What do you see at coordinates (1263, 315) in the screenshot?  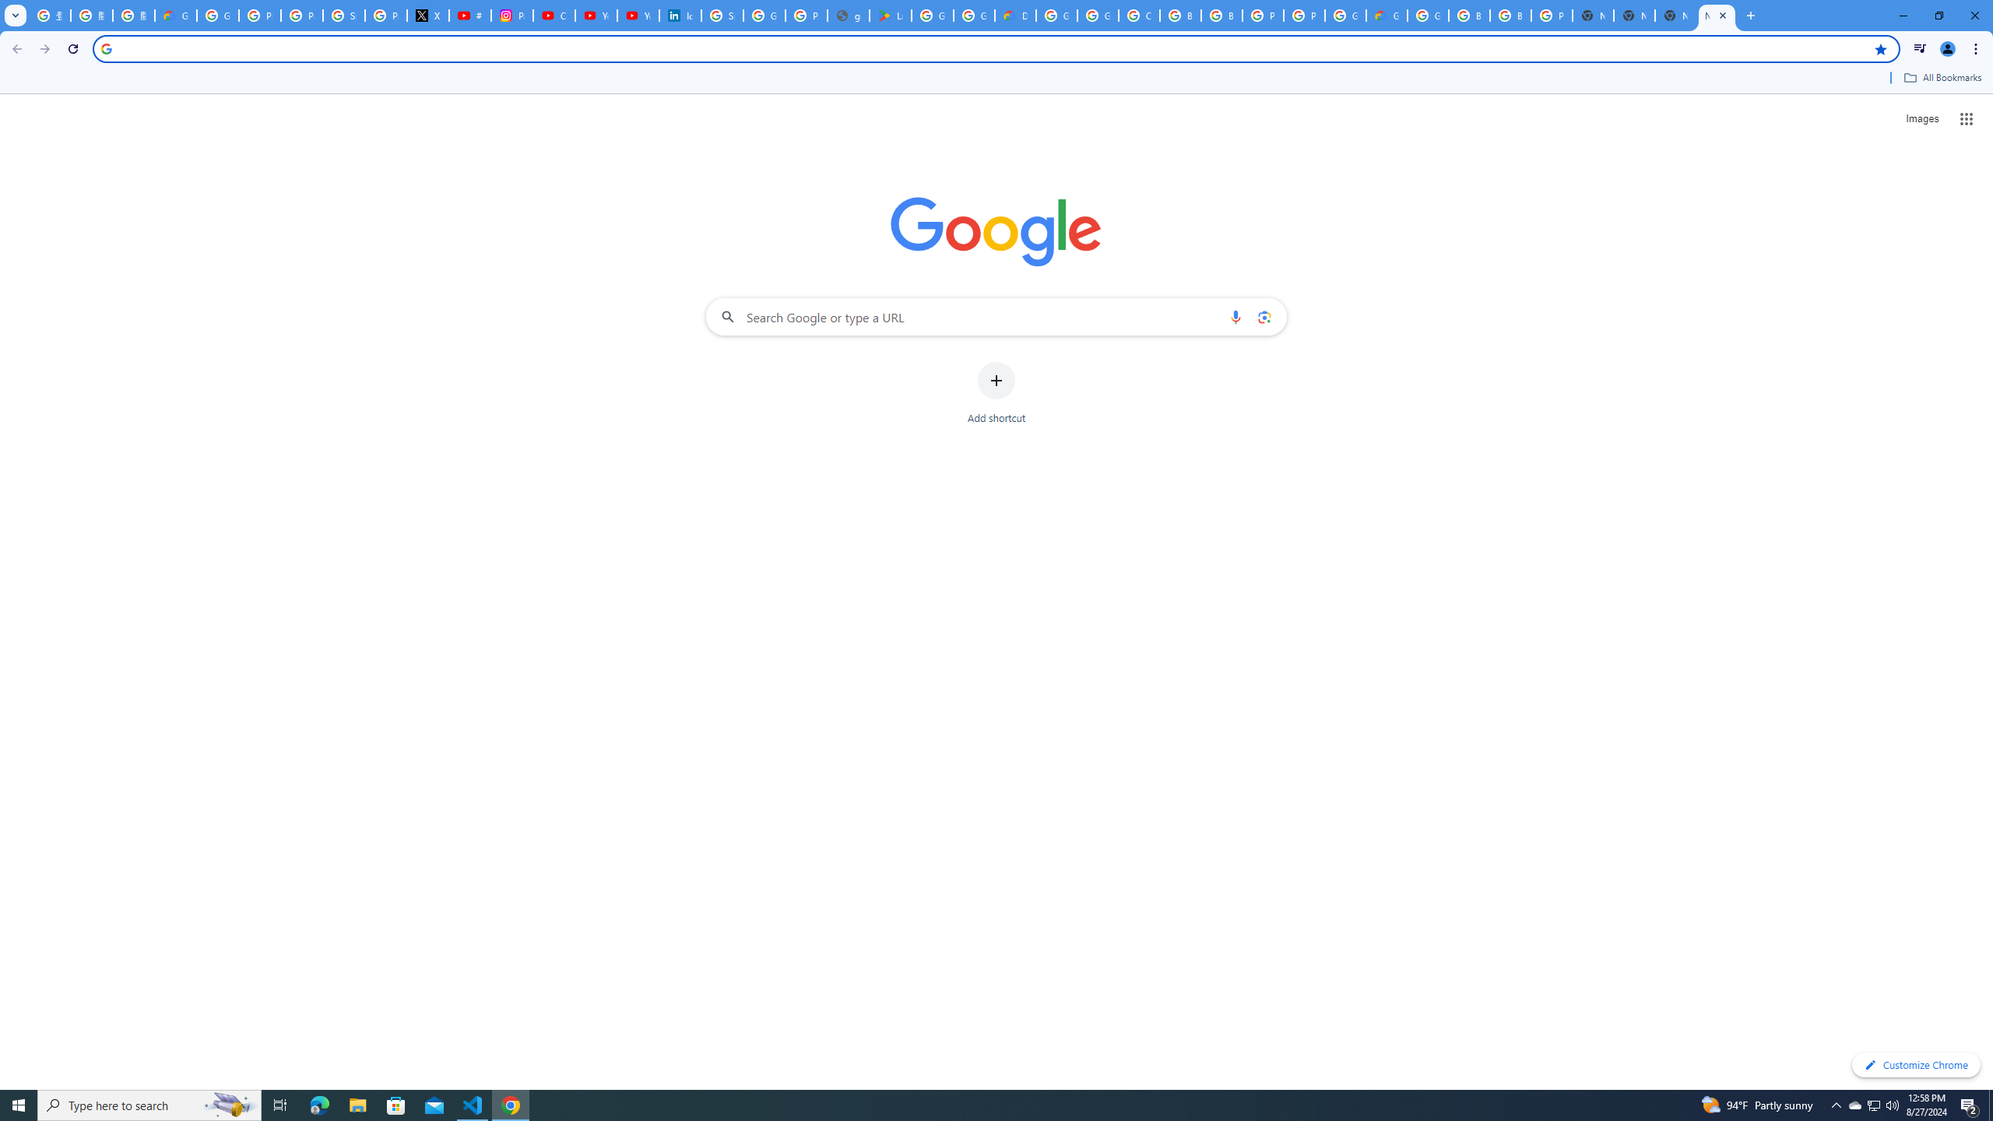 I see `'Search by image'` at bounding box center [1263, 315].